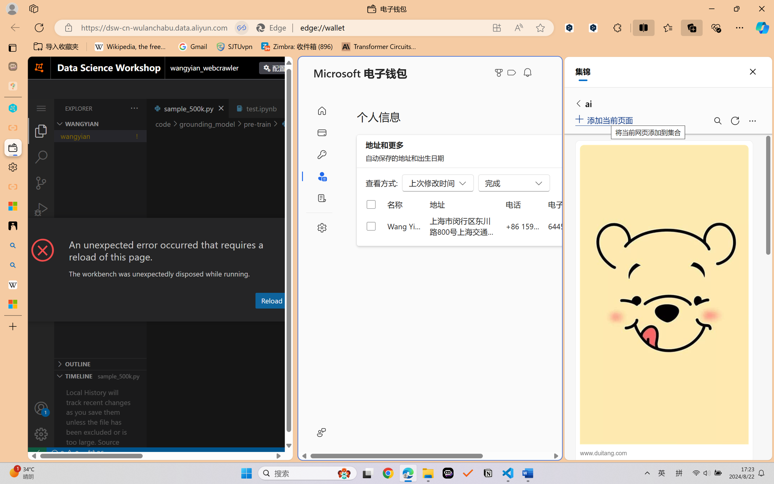 Image resolution: width=774 pixels, height=484 pixels. What do you see at coordinates (379, 46) in the screenshot?
I see `'Transformer Circuits Thread'` at bounding box center [379, 46].